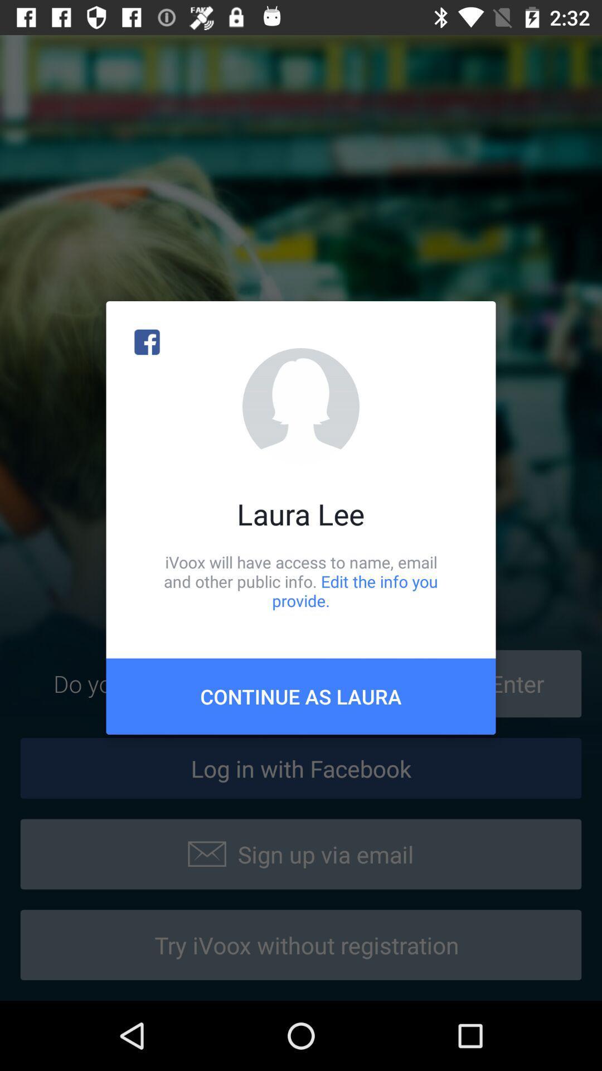  I want to click on continue as laura icon, so click(301, 696).